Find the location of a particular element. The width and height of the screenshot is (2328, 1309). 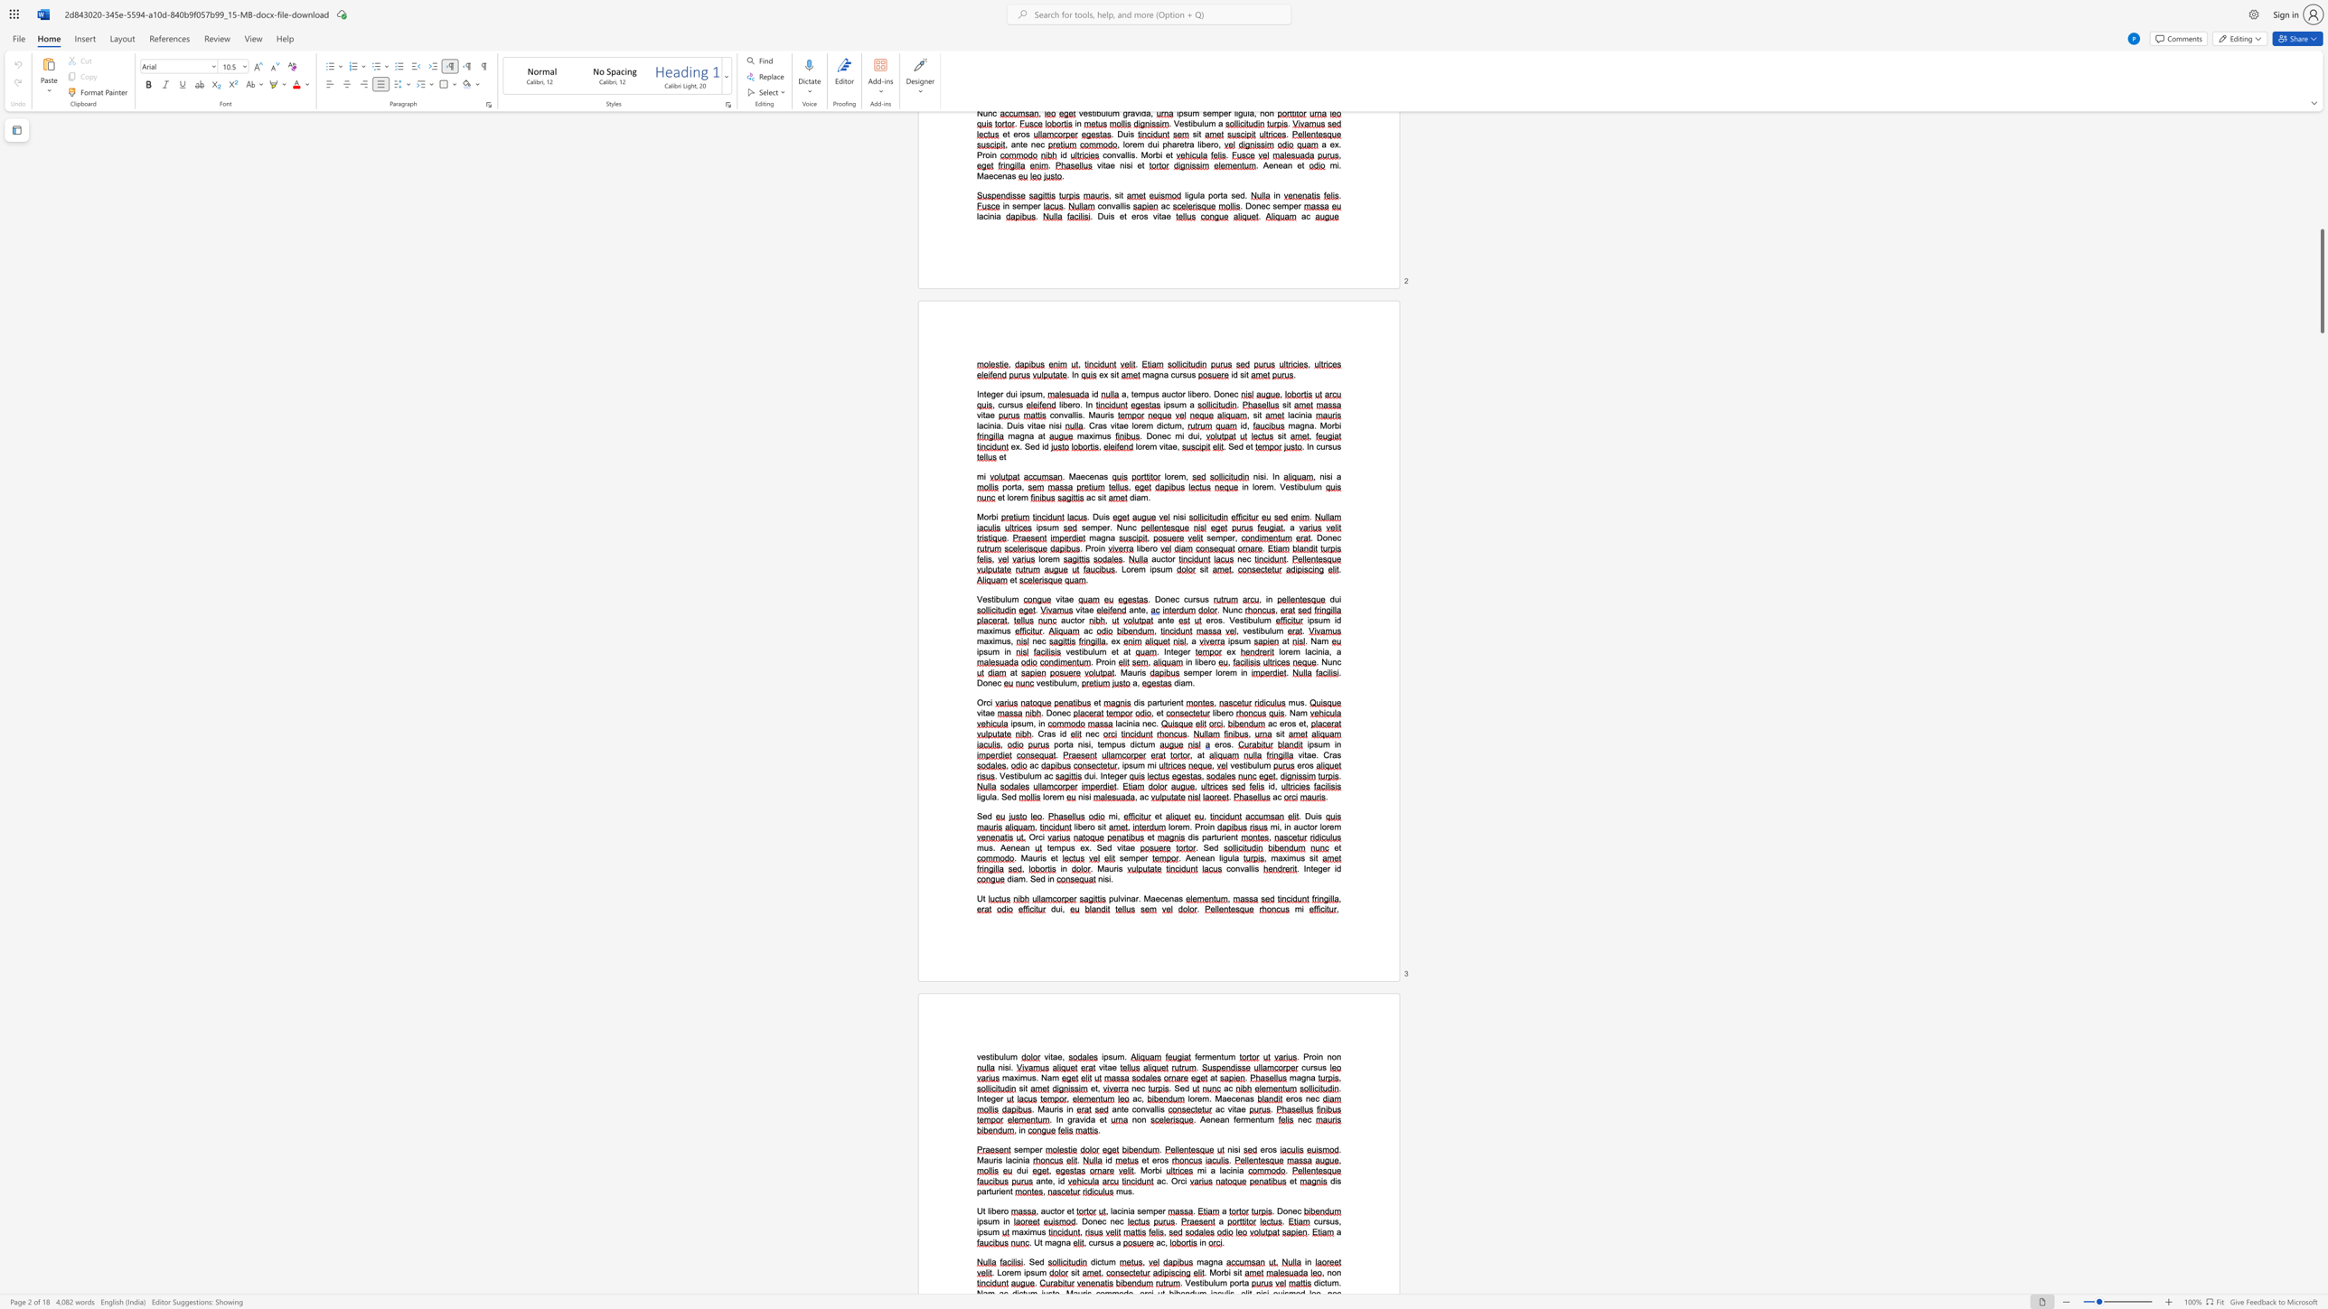

the space between the continuous character "i" and "b" in the text is located at coordinates (1078, 826).